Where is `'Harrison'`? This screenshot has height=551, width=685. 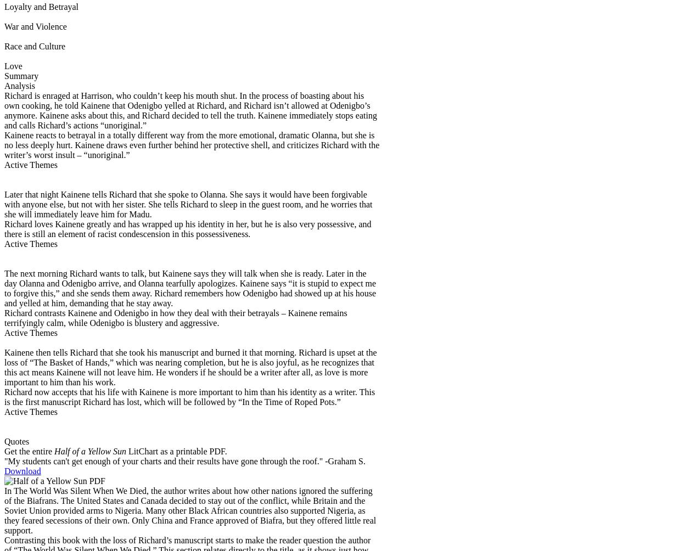 'Harrison' is located at coordinates (94, 94).